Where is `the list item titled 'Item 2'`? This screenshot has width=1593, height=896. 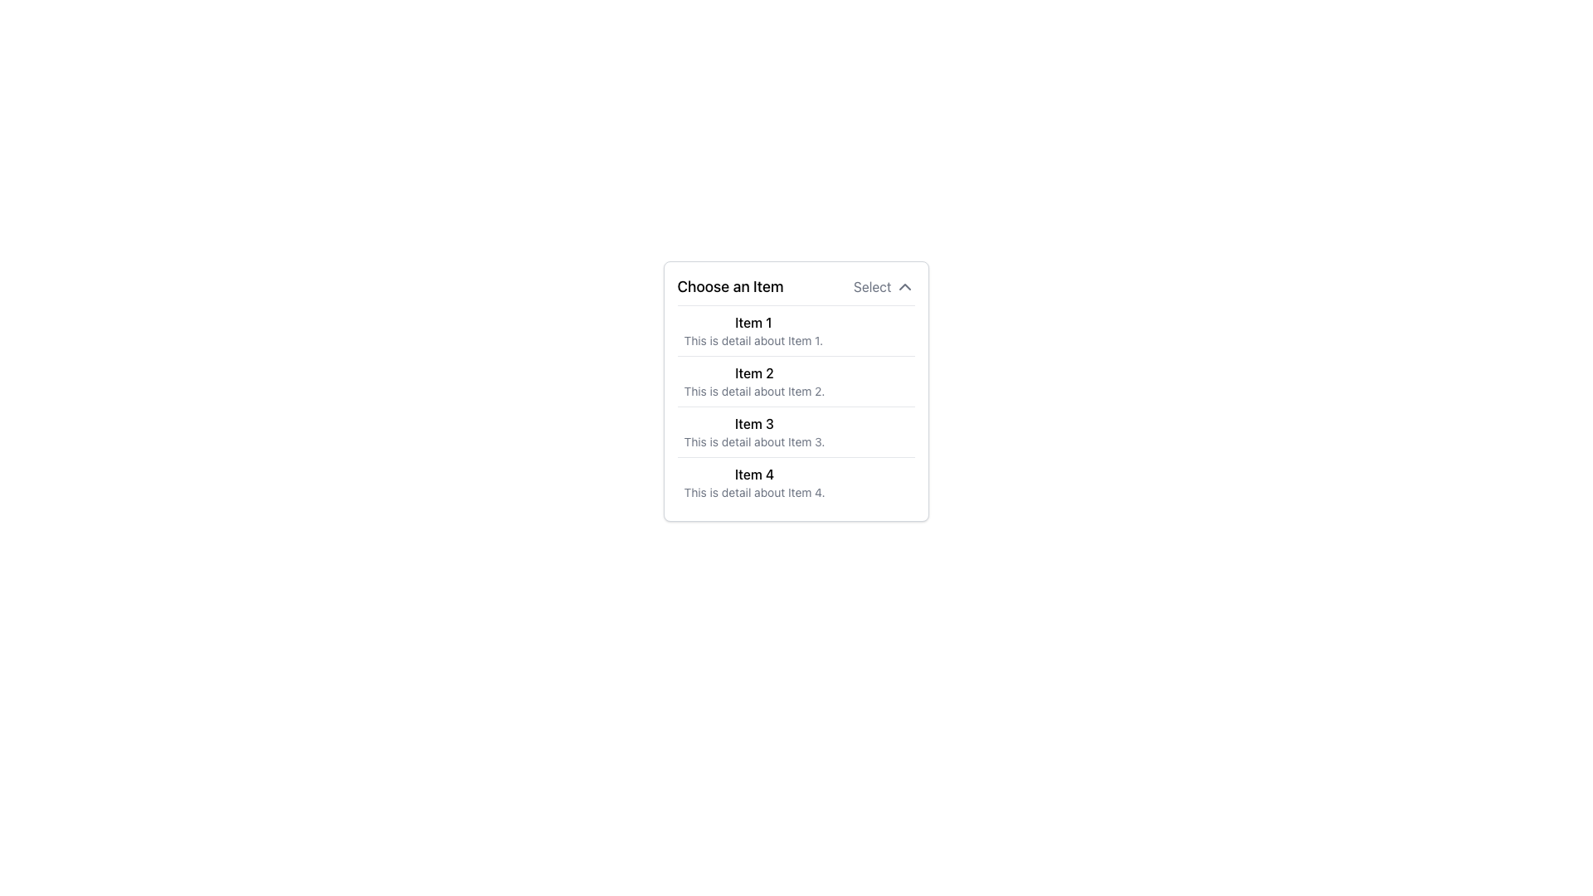 the list item titled 'Item 2' is located at coordinates (795, 381).